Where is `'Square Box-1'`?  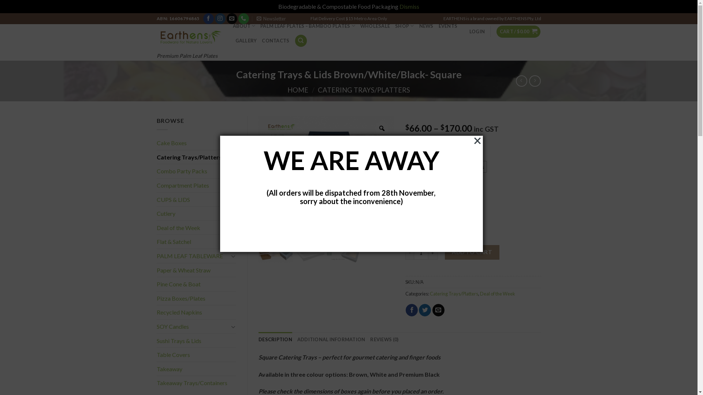 'Square Box-1' is located at coordinates (275, 246).